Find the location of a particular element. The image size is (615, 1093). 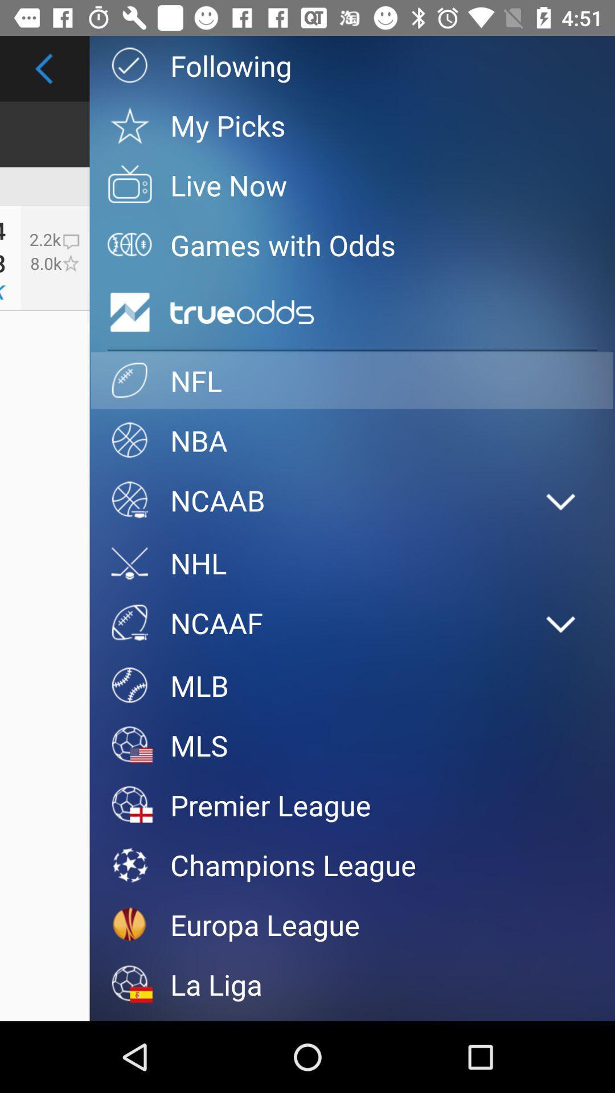

bundesliga is located at coordinates (351, 1018).